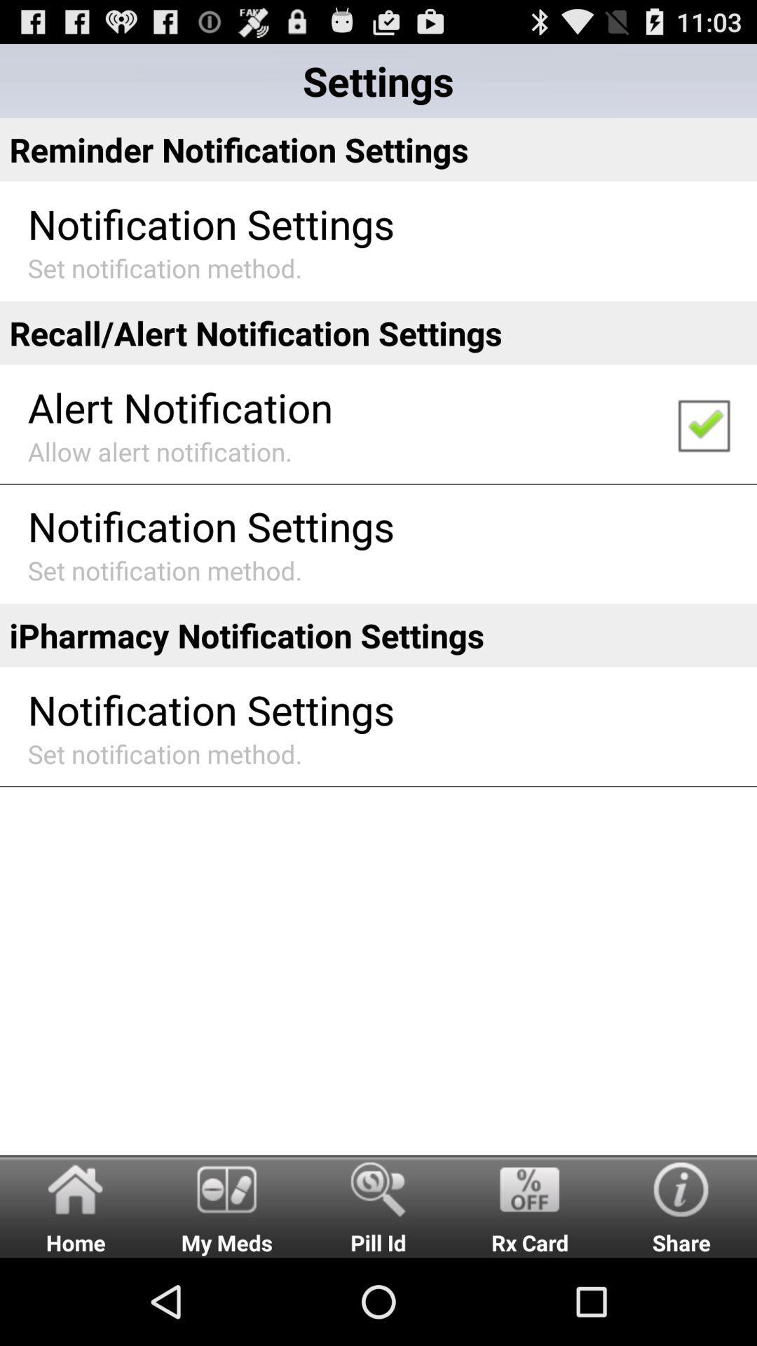 This screenshot has height=1346, width=757. What do you see at coordinates (378, 1205) in the screenshot?
I see `the item at the bottom` at bounding box center [378, 1205].